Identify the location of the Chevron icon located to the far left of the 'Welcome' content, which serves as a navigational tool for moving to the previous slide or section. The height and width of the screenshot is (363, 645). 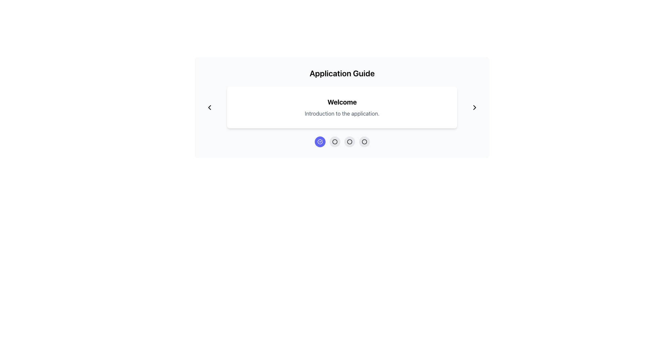
(209, 107).